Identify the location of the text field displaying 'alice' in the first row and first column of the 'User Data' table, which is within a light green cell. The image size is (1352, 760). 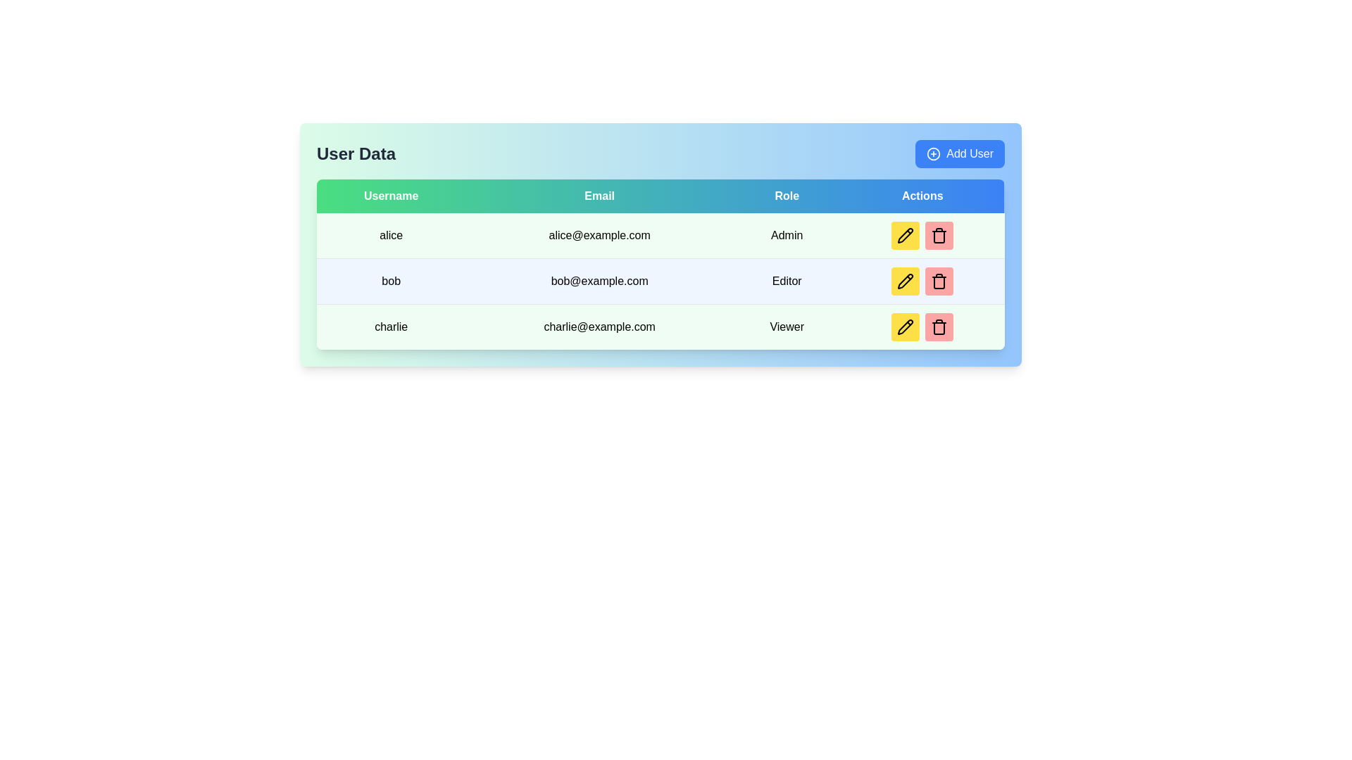
(391, 235).